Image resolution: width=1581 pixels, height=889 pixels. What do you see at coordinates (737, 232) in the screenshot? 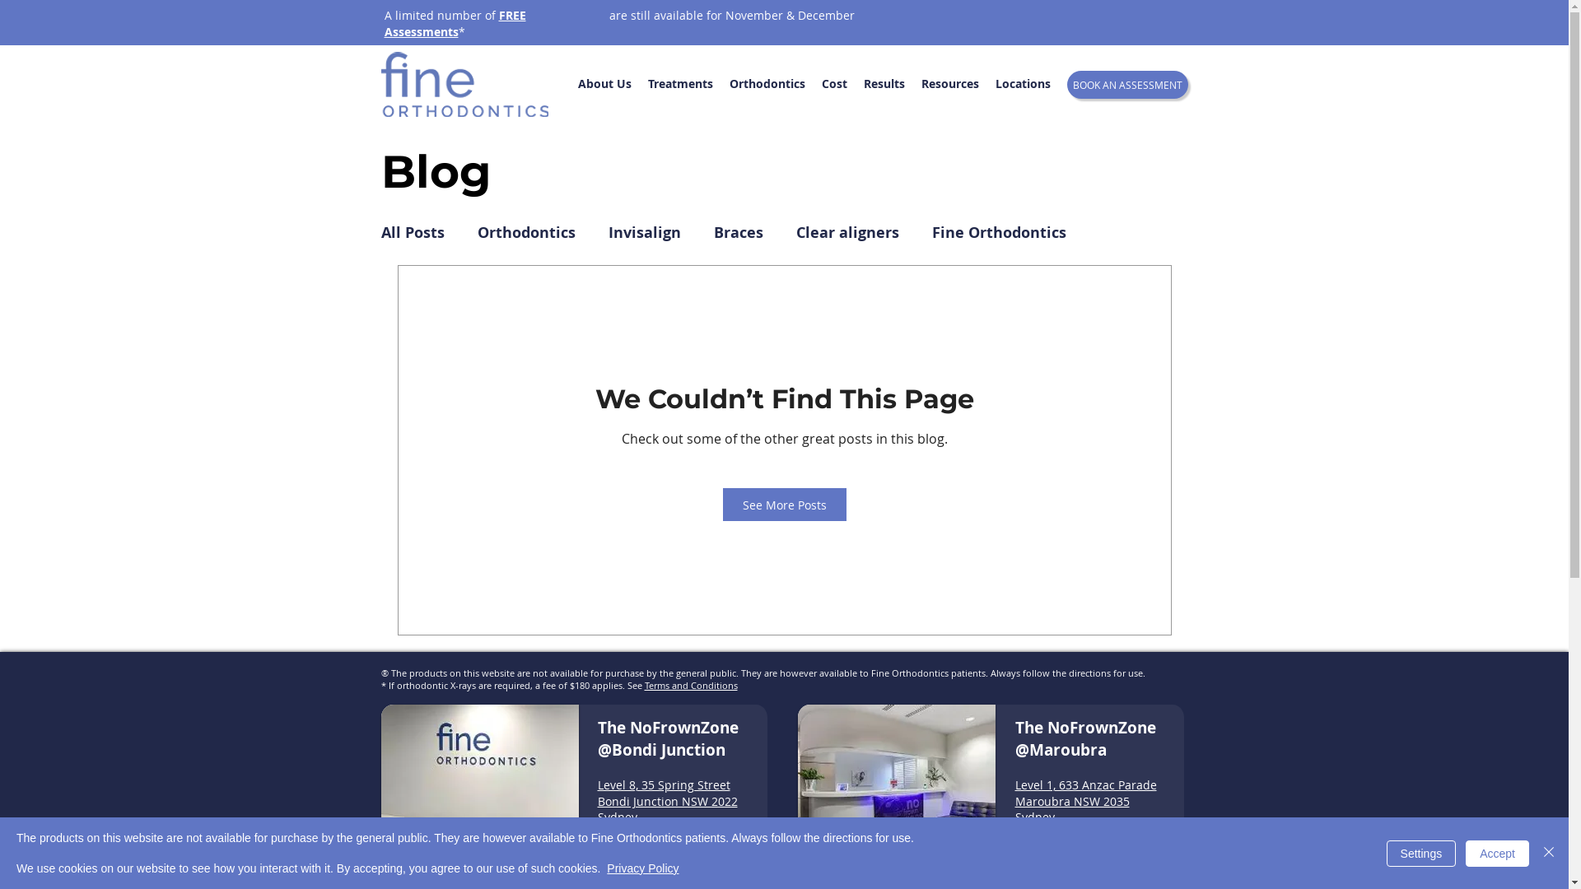
I see `'Braces'` at bounding box center [737, 232].